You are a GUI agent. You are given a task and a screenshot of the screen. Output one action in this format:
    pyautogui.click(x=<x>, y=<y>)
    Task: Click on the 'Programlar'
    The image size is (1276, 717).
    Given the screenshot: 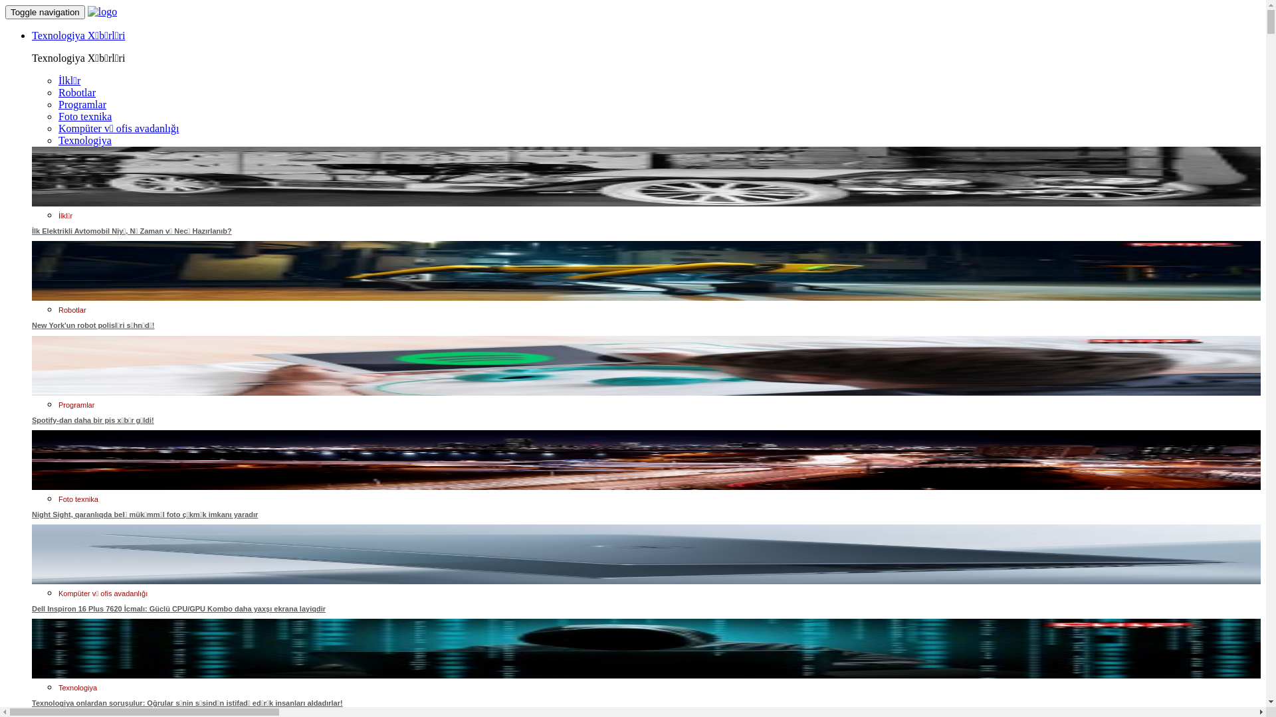 What is the action you would take?
    pyautogui.click(x=82, y=104)
    